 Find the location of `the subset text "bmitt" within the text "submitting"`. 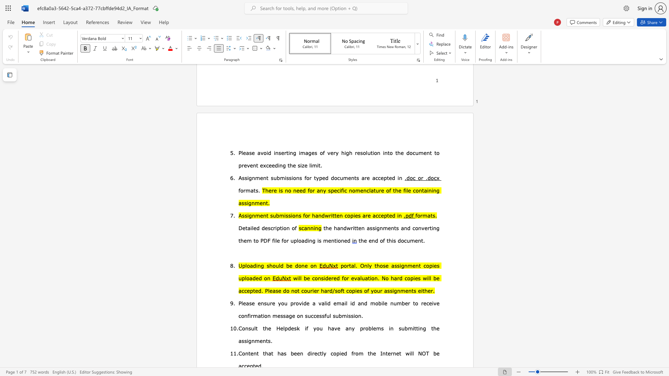

the subset text "bmitt" within the text "submitting" is located at coordinates (405, 328).